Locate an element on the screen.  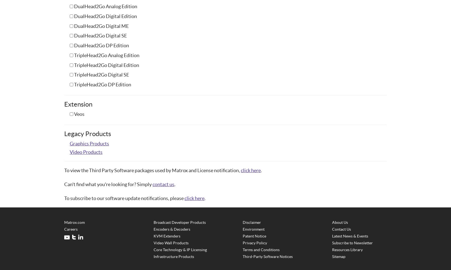
'DualHead2Go Analog Edition' is located at coordinates (105, 6).